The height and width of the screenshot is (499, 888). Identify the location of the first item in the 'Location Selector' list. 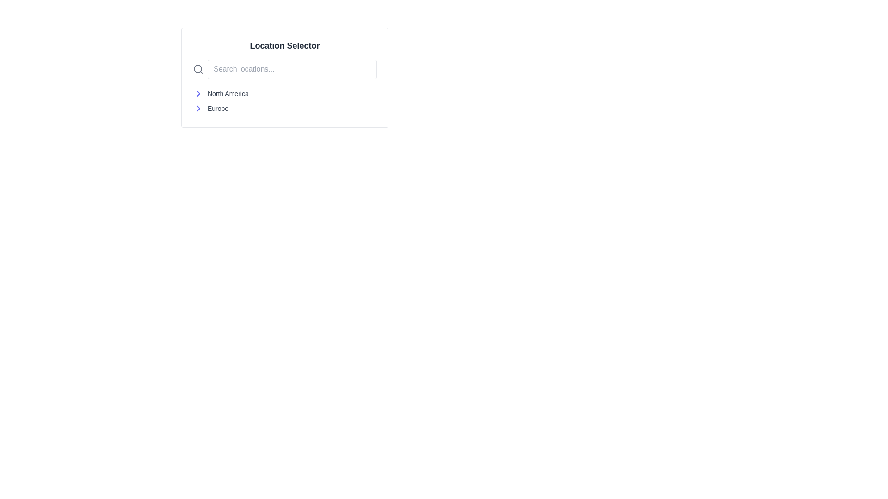
(284, 94).